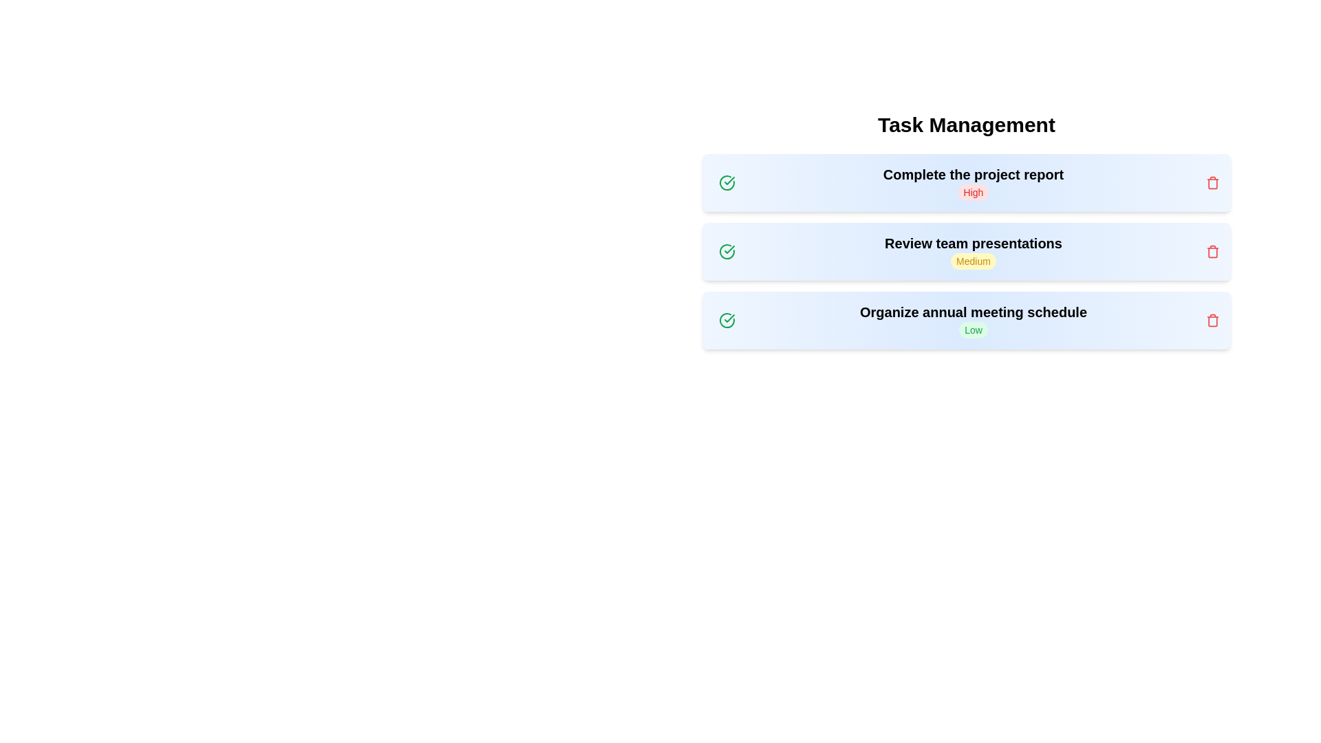 The width and height of the screenshot is (1321, 743). I want to click on the checkmark icon for the task to mark it as completed, so click(726, 182).